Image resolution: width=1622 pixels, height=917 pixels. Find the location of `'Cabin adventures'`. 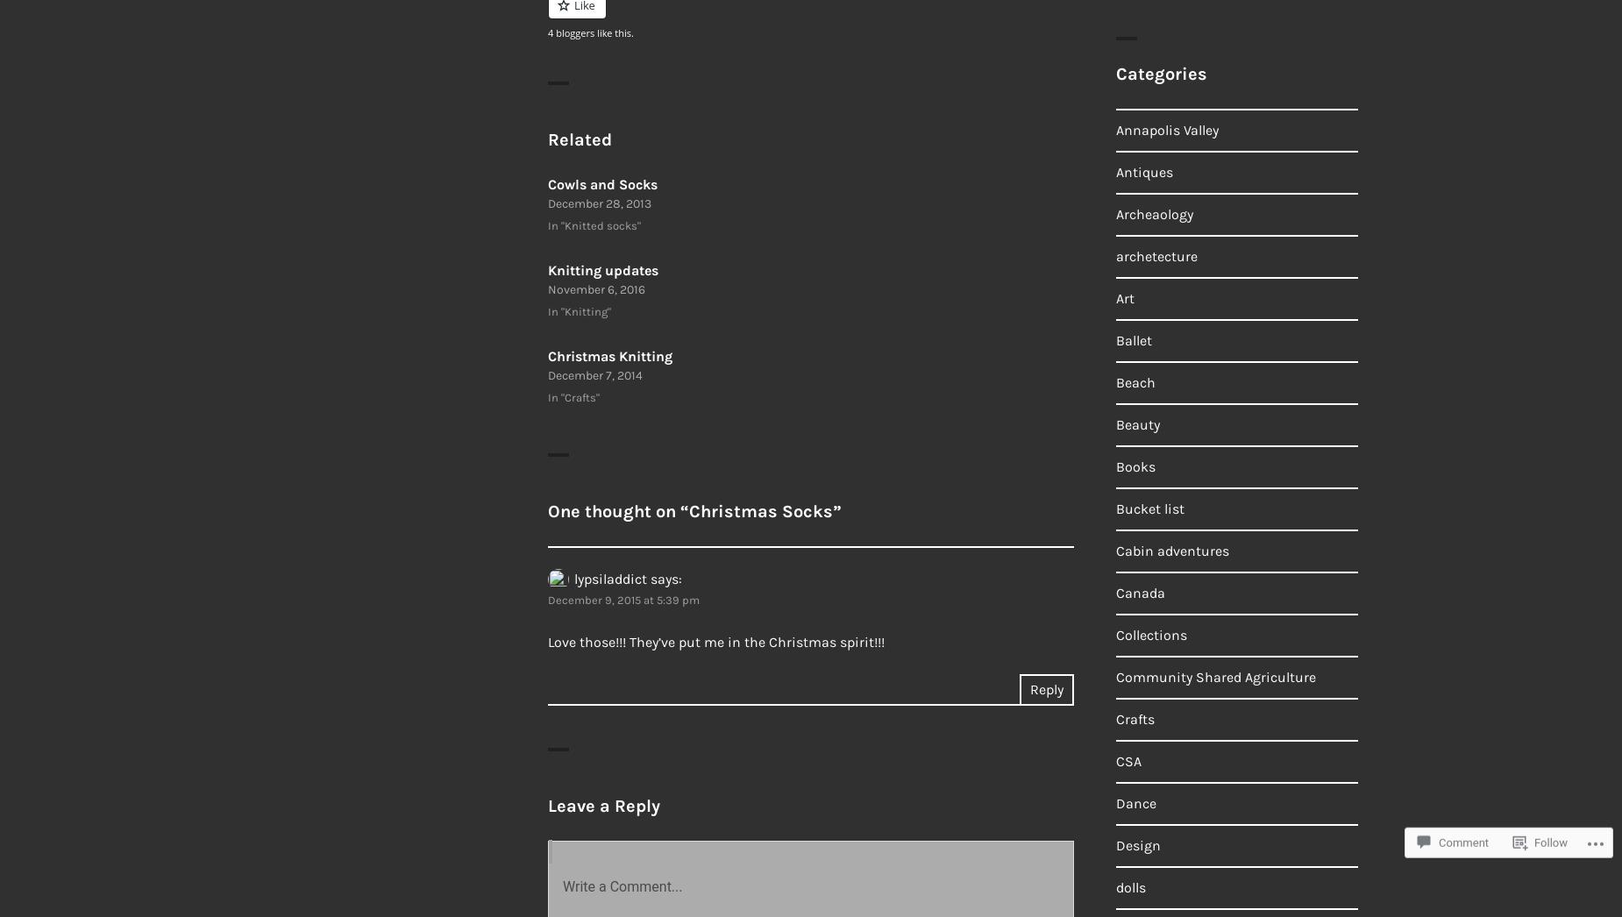

'Cabin adventures' is located at coordinates (1171, 550).